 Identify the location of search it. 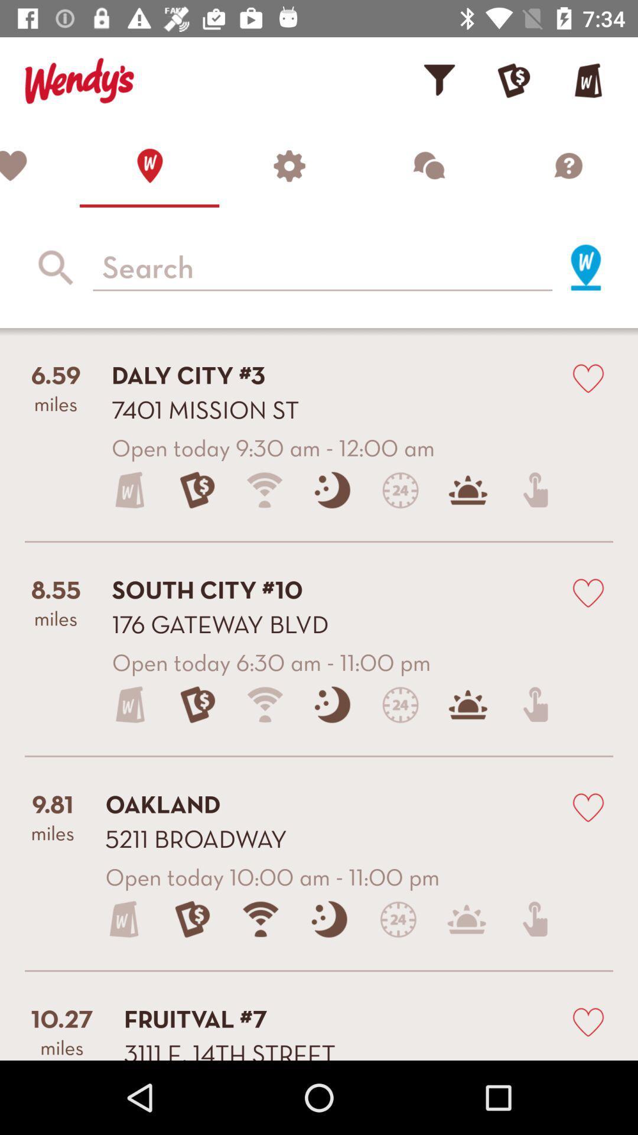
(585, 267).